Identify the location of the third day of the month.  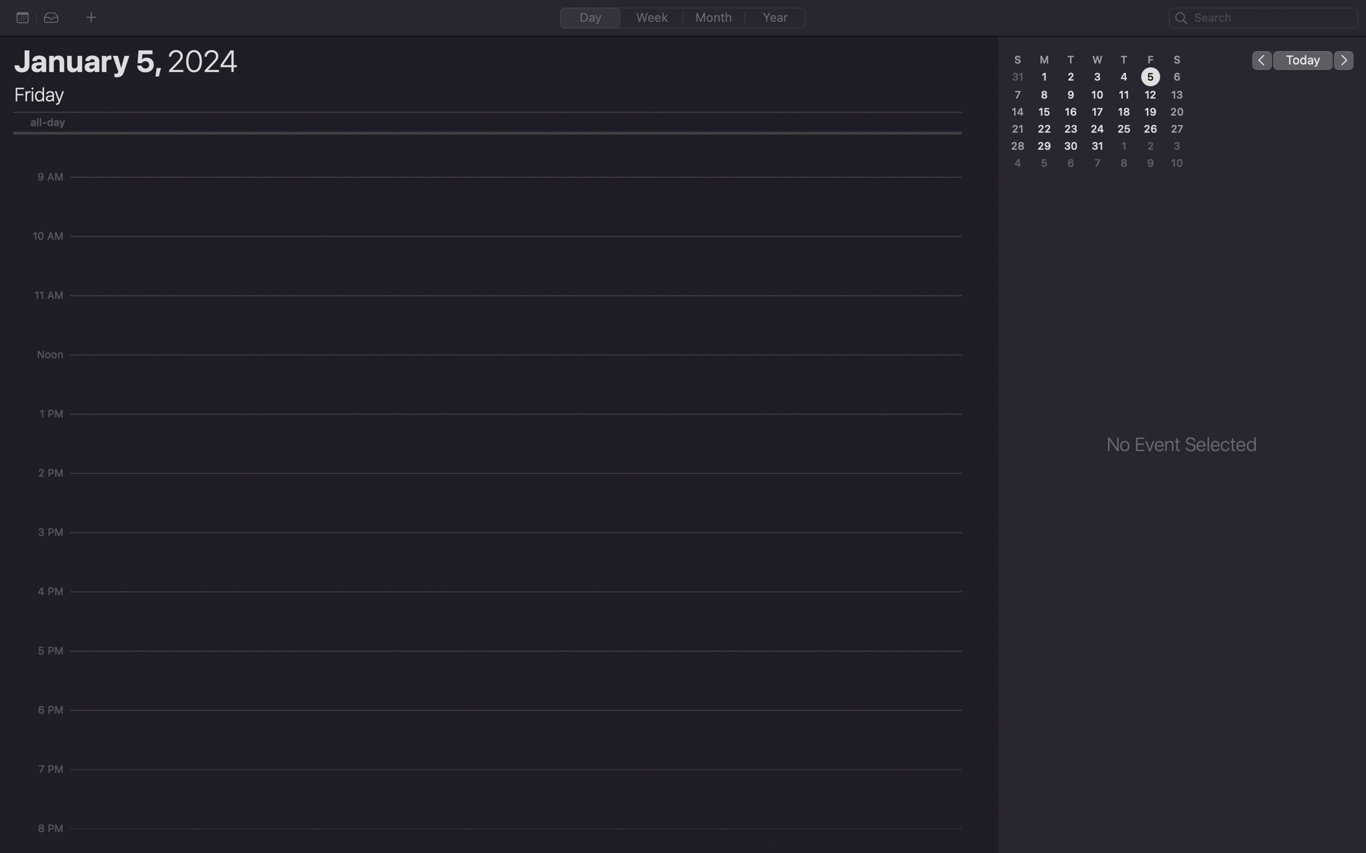
(1097, 76).